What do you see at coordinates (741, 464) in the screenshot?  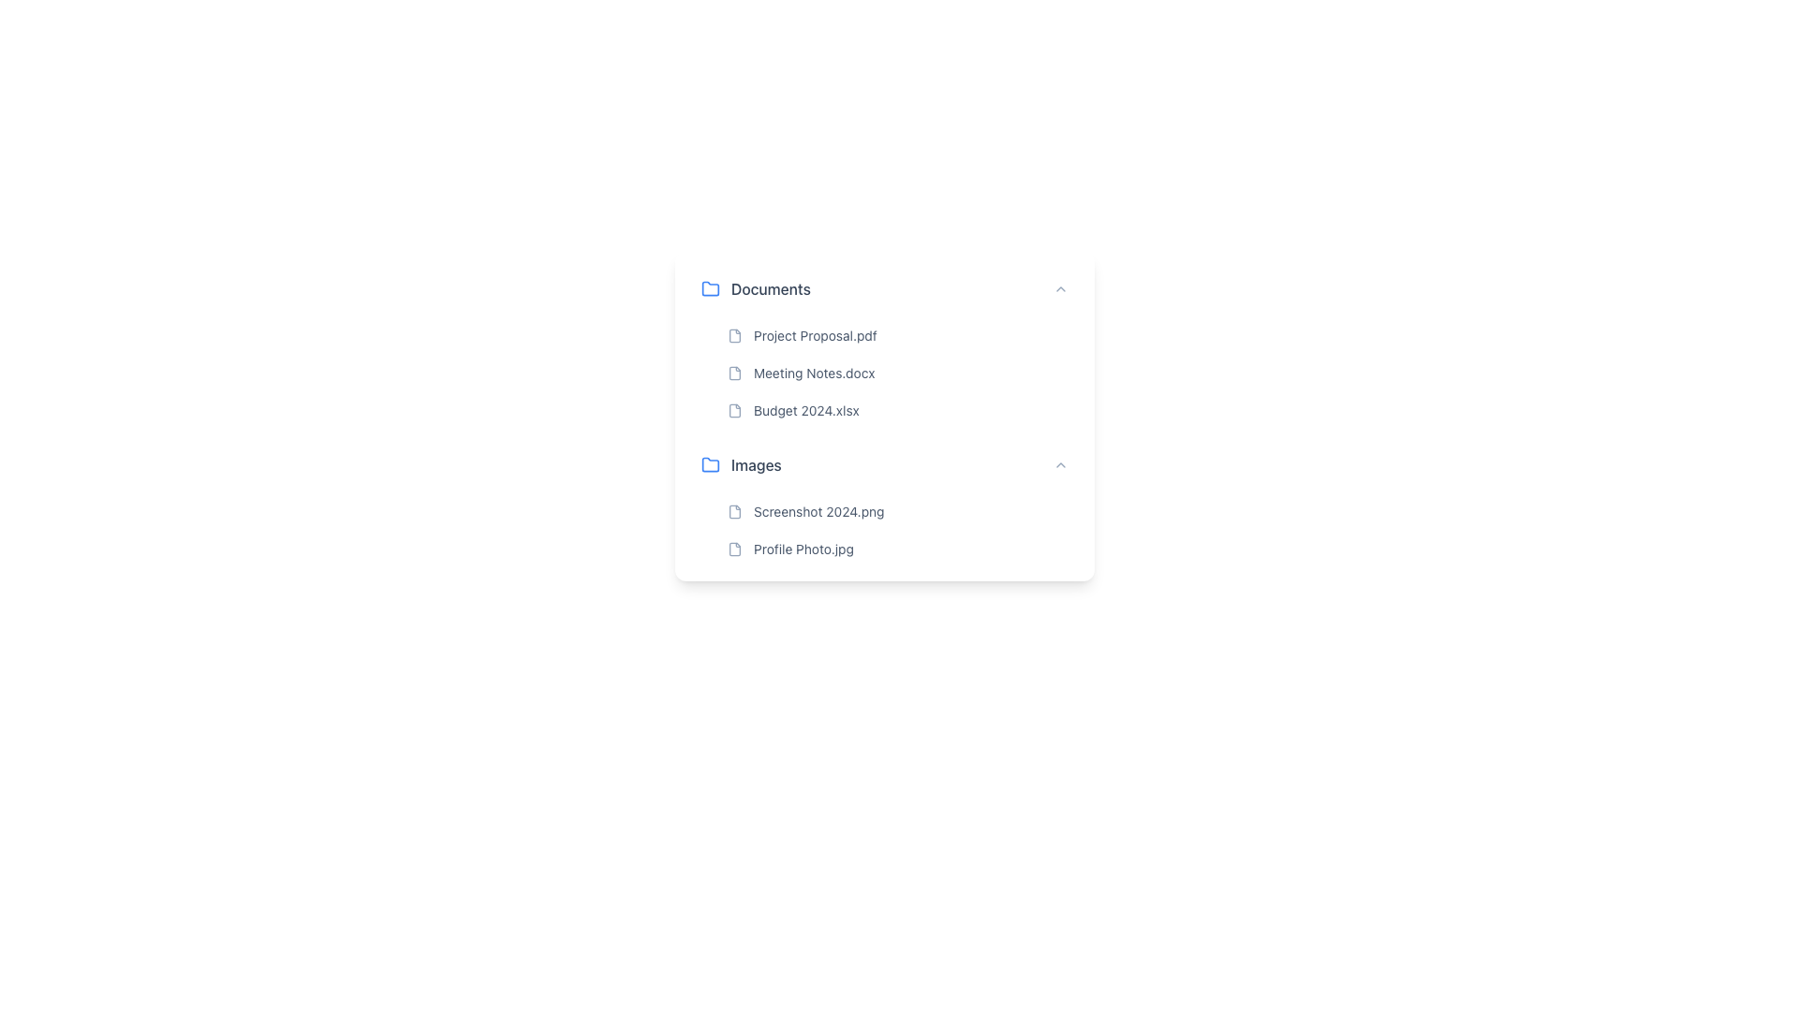 I see `the 'Images' text label, which is a medium-weight text next to a blue folder icon` at bounding box center [741, 464].